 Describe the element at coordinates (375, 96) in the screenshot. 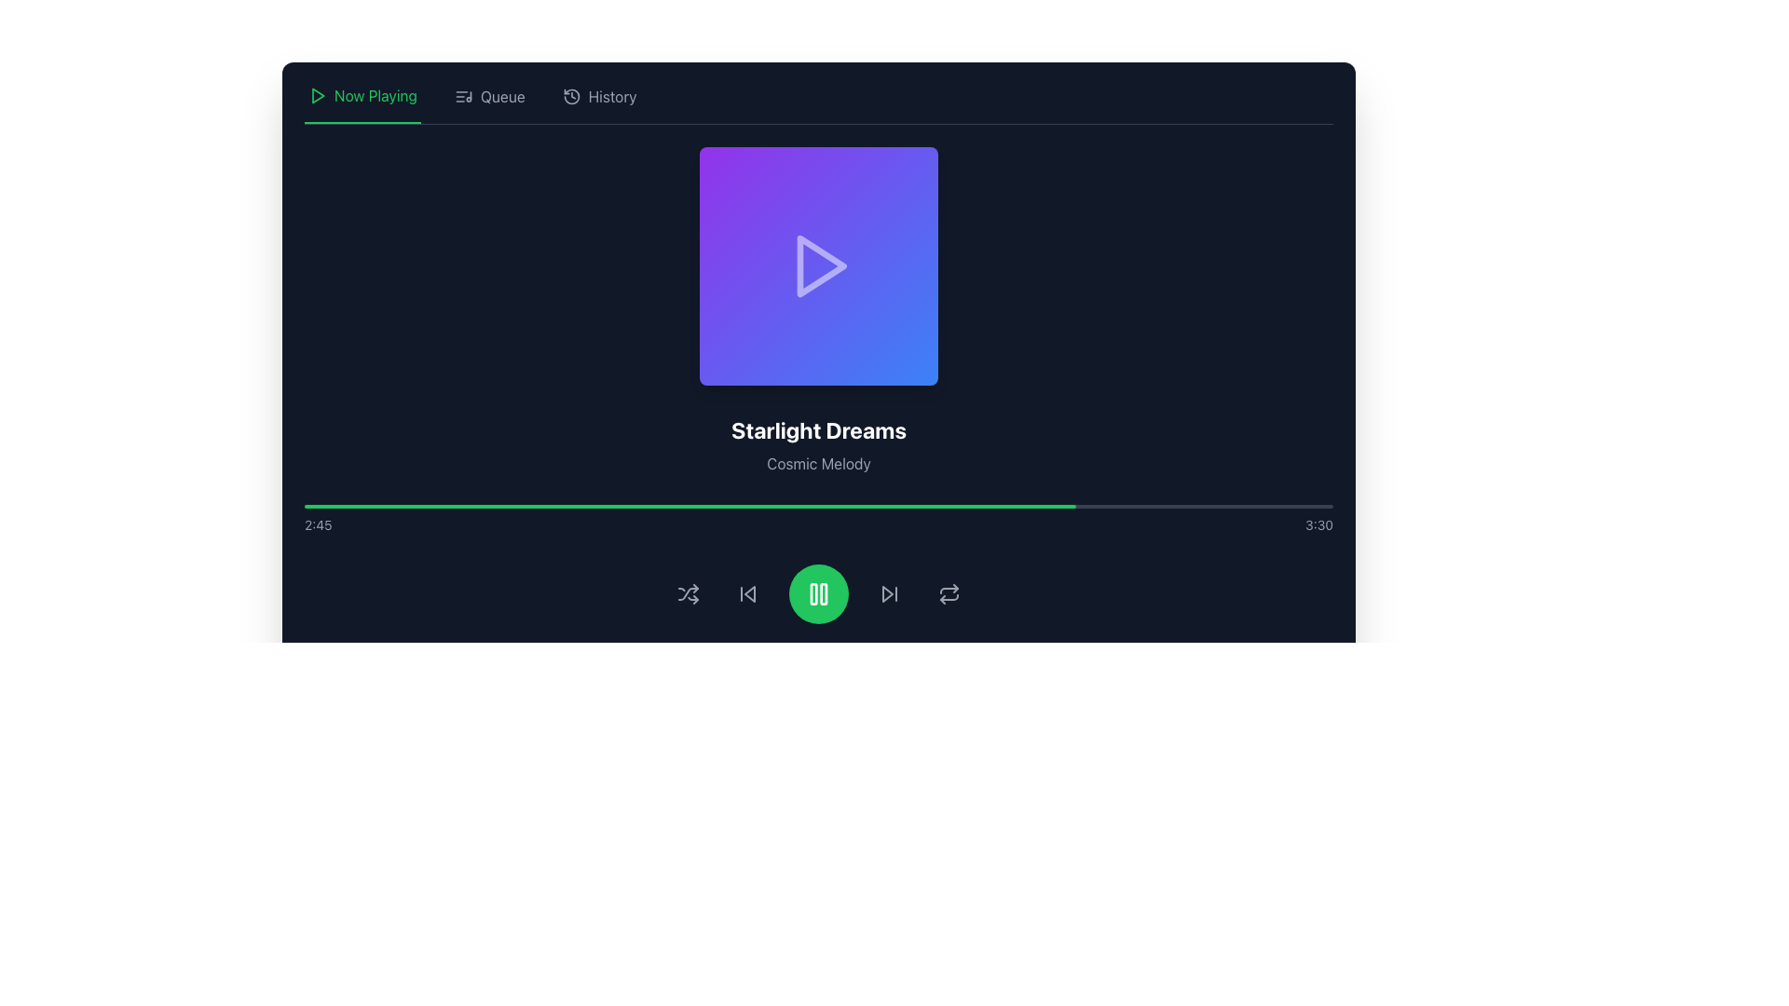

I see `the 'Now Playing' text label located in the top-left corner of the interface, which indicates the current view or status in the application` at that location.